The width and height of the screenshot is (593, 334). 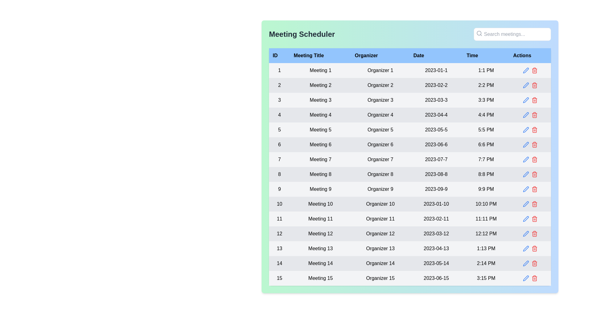 I want to click on the TextLabel displaying '2023-02-2' in the fourth column of the second row under the 'Date' column, part of the meeting details for 'Meeting 2', so click(x=436, y=85).